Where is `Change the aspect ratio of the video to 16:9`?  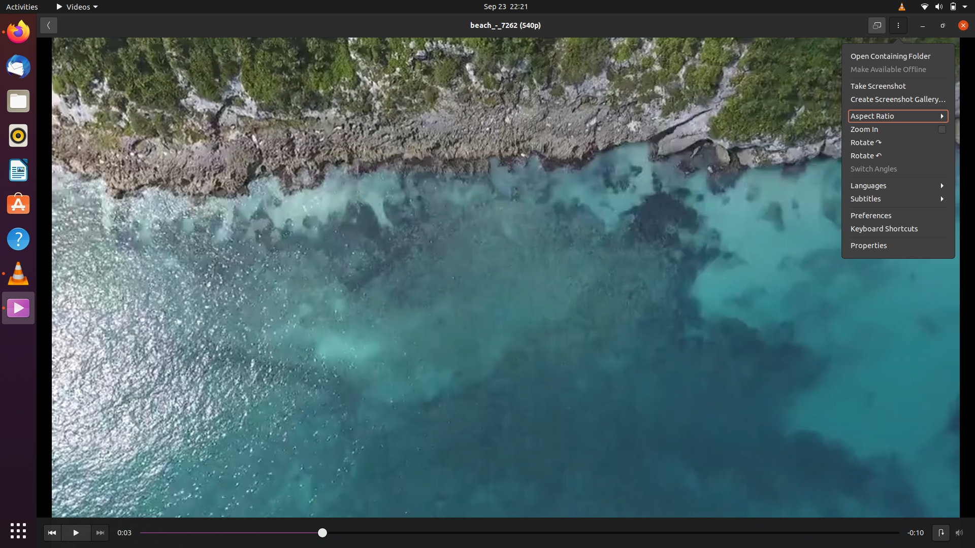 Change the aspect ratio of the video to 16:9 is located at coordinates (898, 115).